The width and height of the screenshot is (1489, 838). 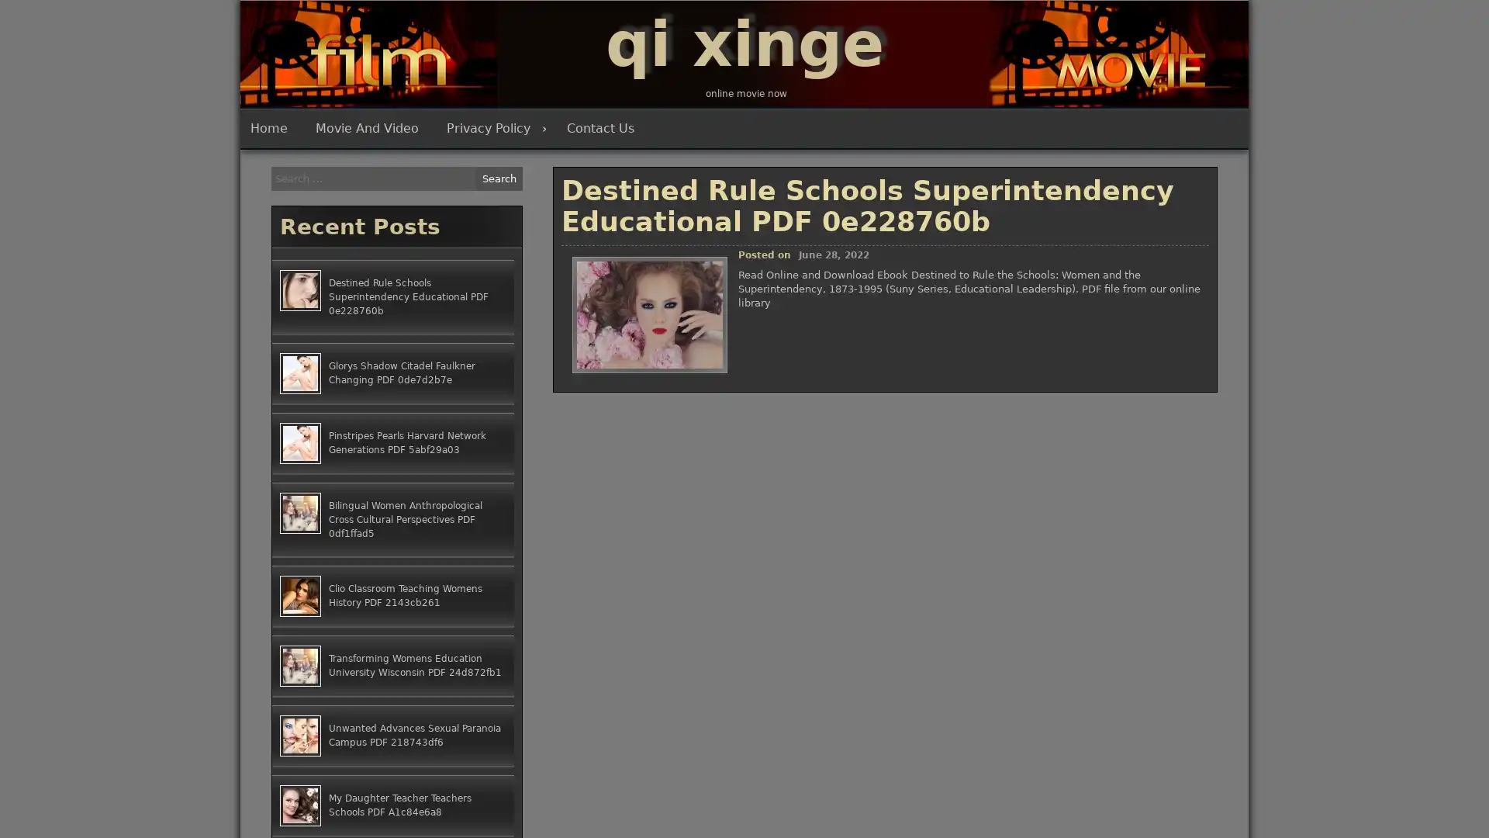 What do you see at coordinates (499, 178) in the screenshot?
I see `Search` at bounding box center [499, 178].